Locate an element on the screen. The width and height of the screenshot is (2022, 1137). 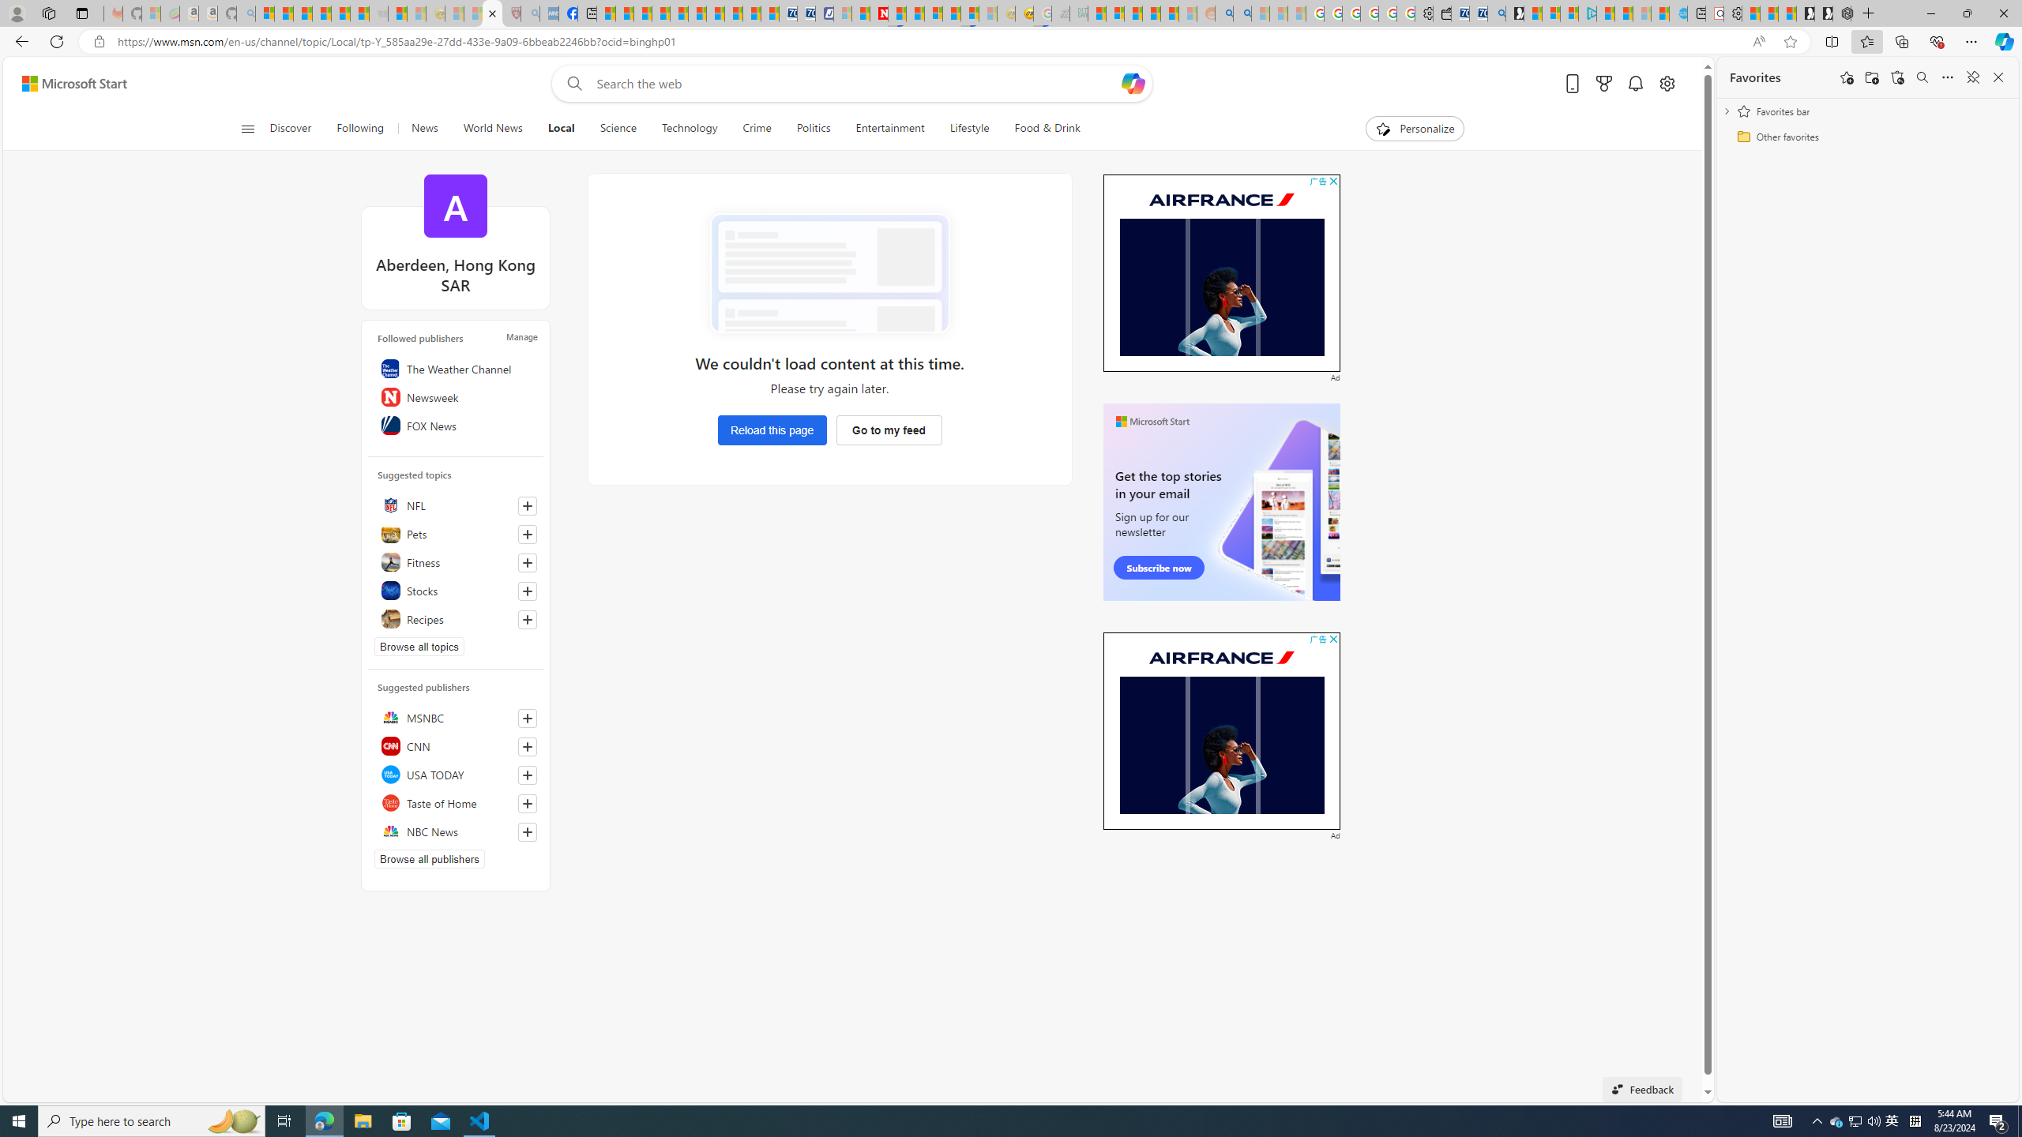
'NFL' is located at coordinates (454, 505).